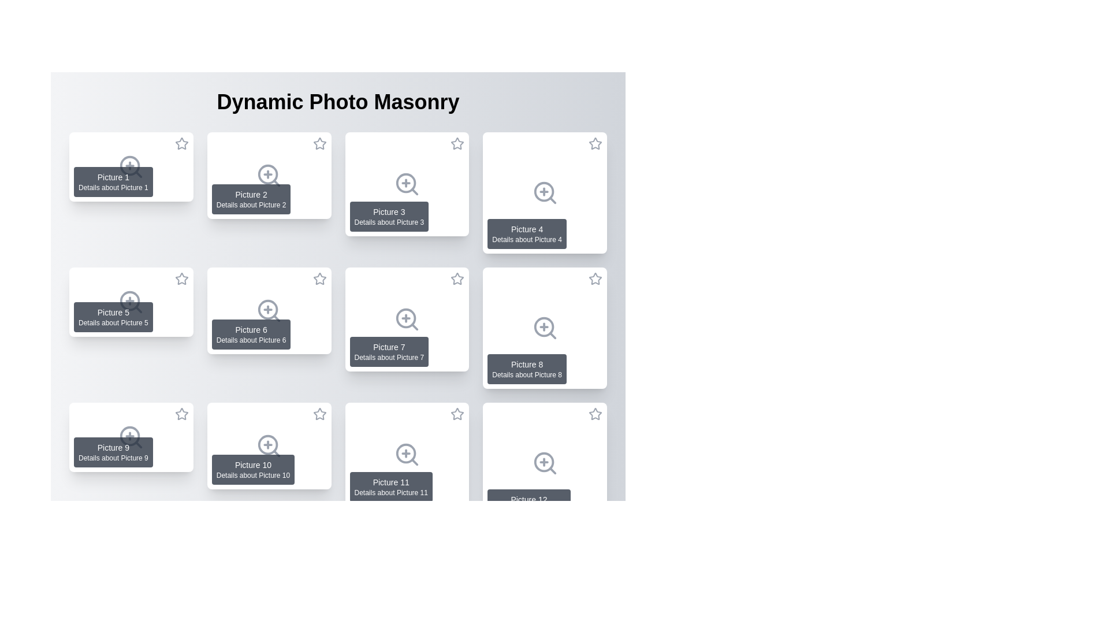  What do you see at coordinates (269, 445) in the screenshot?
I see `the zoom icon located at the center of the lower dark gray overlay area of the 'Picture 10' card in the 'Dynamic Photo Masonry' layout` at bounding box center [269, 445].